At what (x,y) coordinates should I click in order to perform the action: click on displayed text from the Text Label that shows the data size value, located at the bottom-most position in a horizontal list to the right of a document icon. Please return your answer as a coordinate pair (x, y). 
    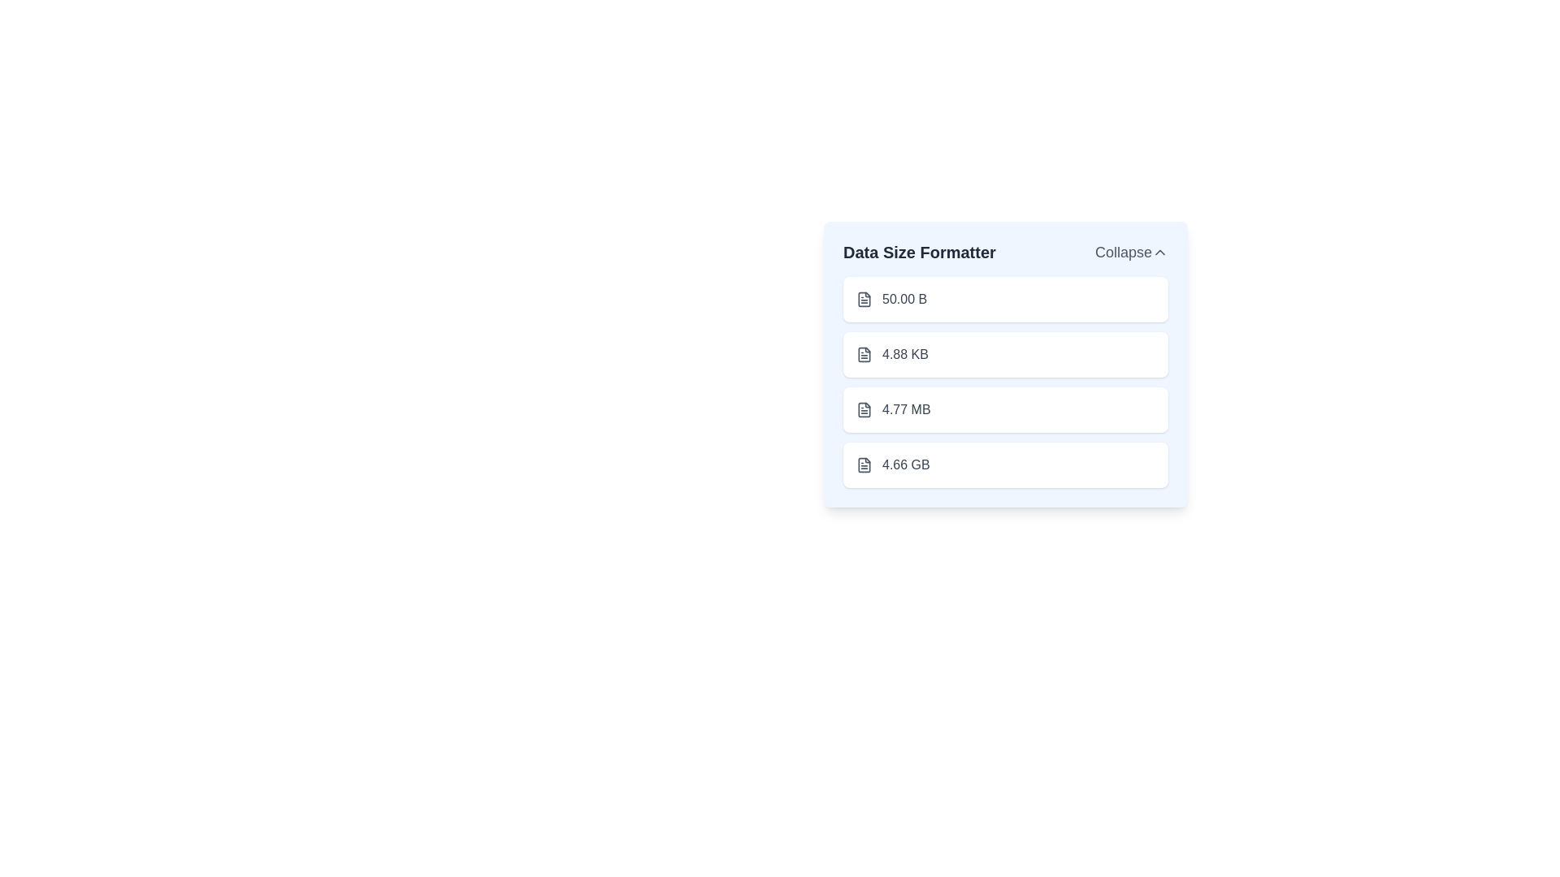
    Looking at the image, I should click on (905, 465).